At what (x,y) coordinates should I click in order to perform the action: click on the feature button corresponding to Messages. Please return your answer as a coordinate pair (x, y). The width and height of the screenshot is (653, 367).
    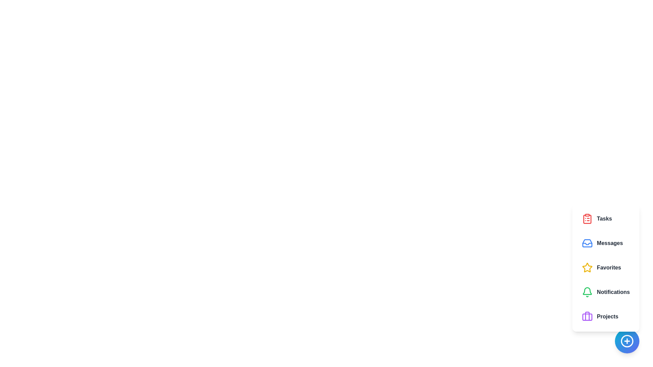
    Looking at the image, I should click on (605, 243).